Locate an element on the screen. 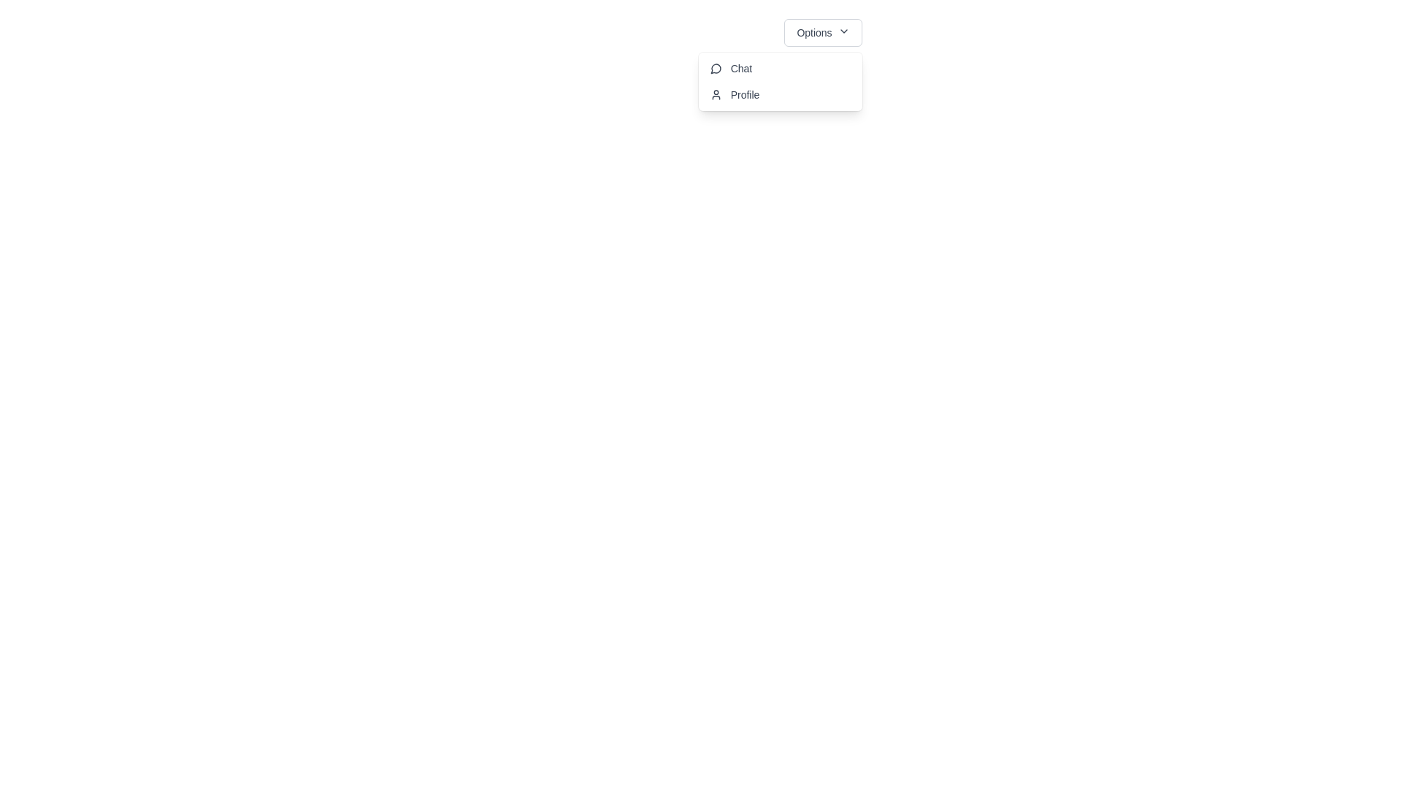 This screenshot has width=1402, height=789. the 'Chat' icon located within the dropdown menu under the 'Options' button is located at coordinates (716, 68).